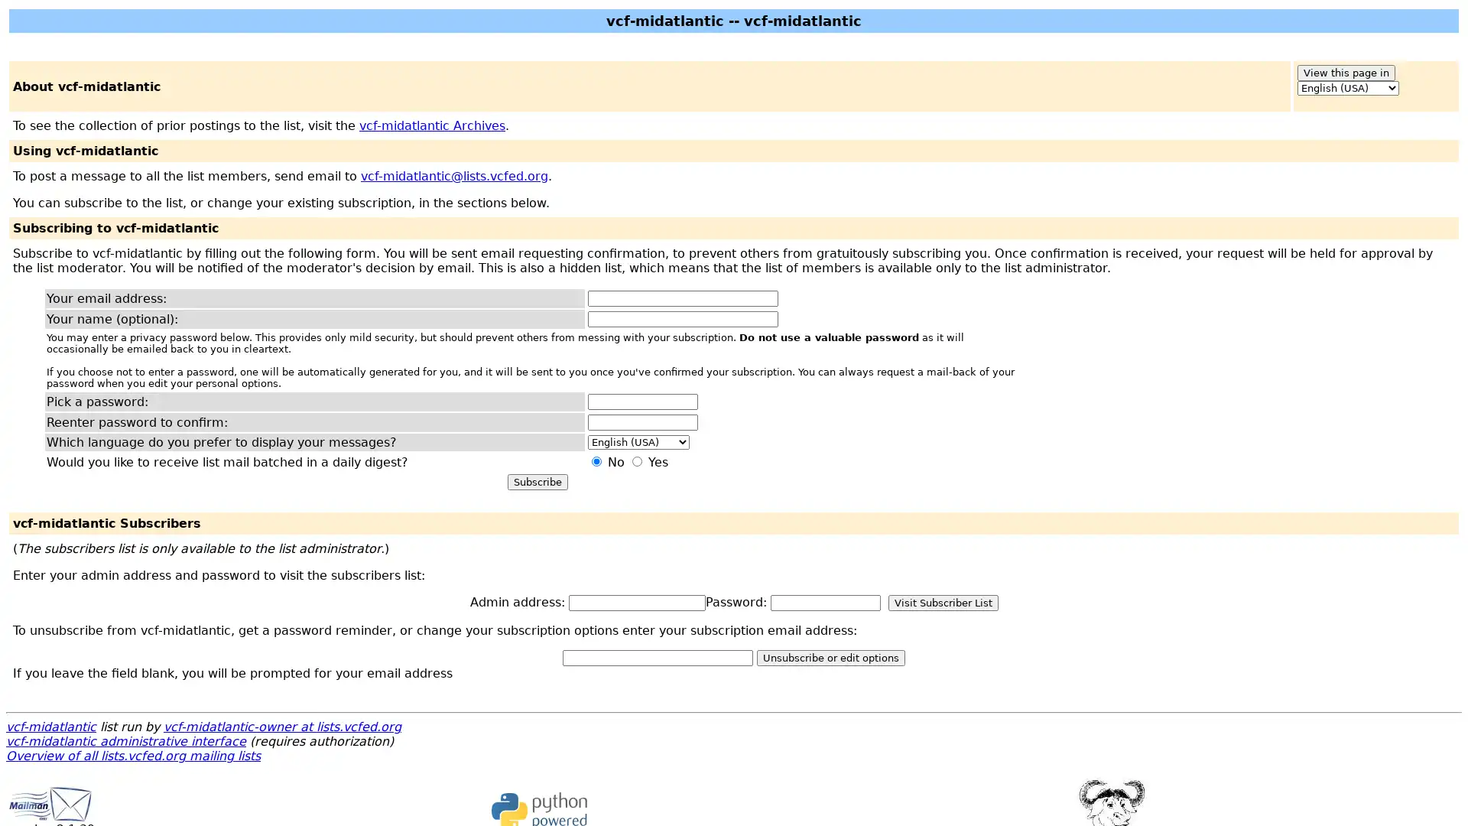 This screenshot has width=1468, height=826. Describe the element at coordinates (942, 602) in the screenshot. I see `Visit Subscriber List` at that location.